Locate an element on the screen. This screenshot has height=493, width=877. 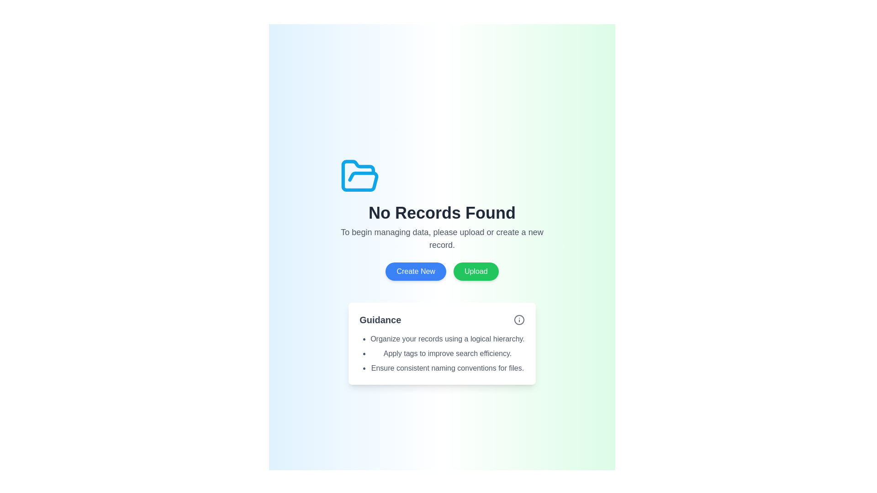
the 'Guidance' text label, which is styled with a large, bold font and dark gray color, located near the top-left of its section block is located at coordinates (380, 320).